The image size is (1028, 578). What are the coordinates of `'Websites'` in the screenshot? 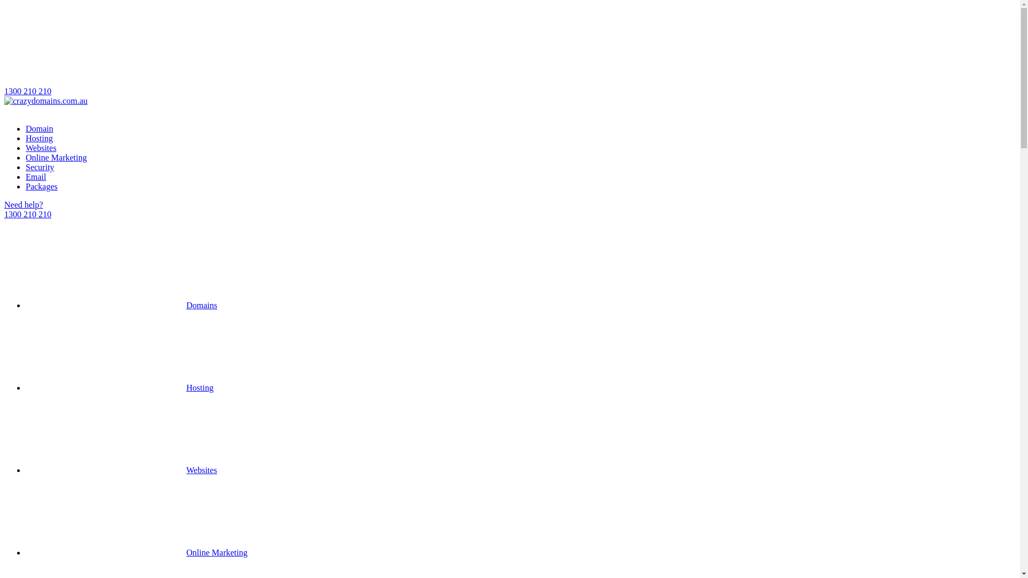 It's located at (121, 469).